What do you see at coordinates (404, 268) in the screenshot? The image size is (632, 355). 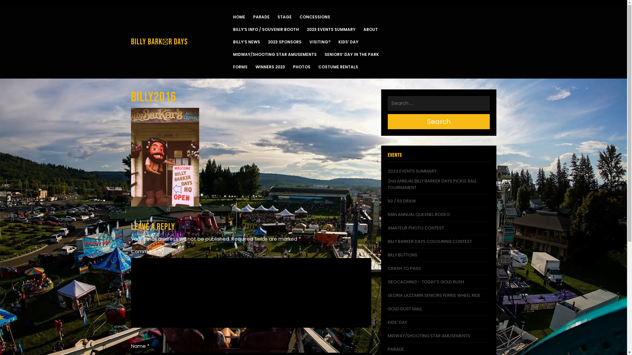 I see `'CRASH TO PASS'` at bounding box center [404, 268].